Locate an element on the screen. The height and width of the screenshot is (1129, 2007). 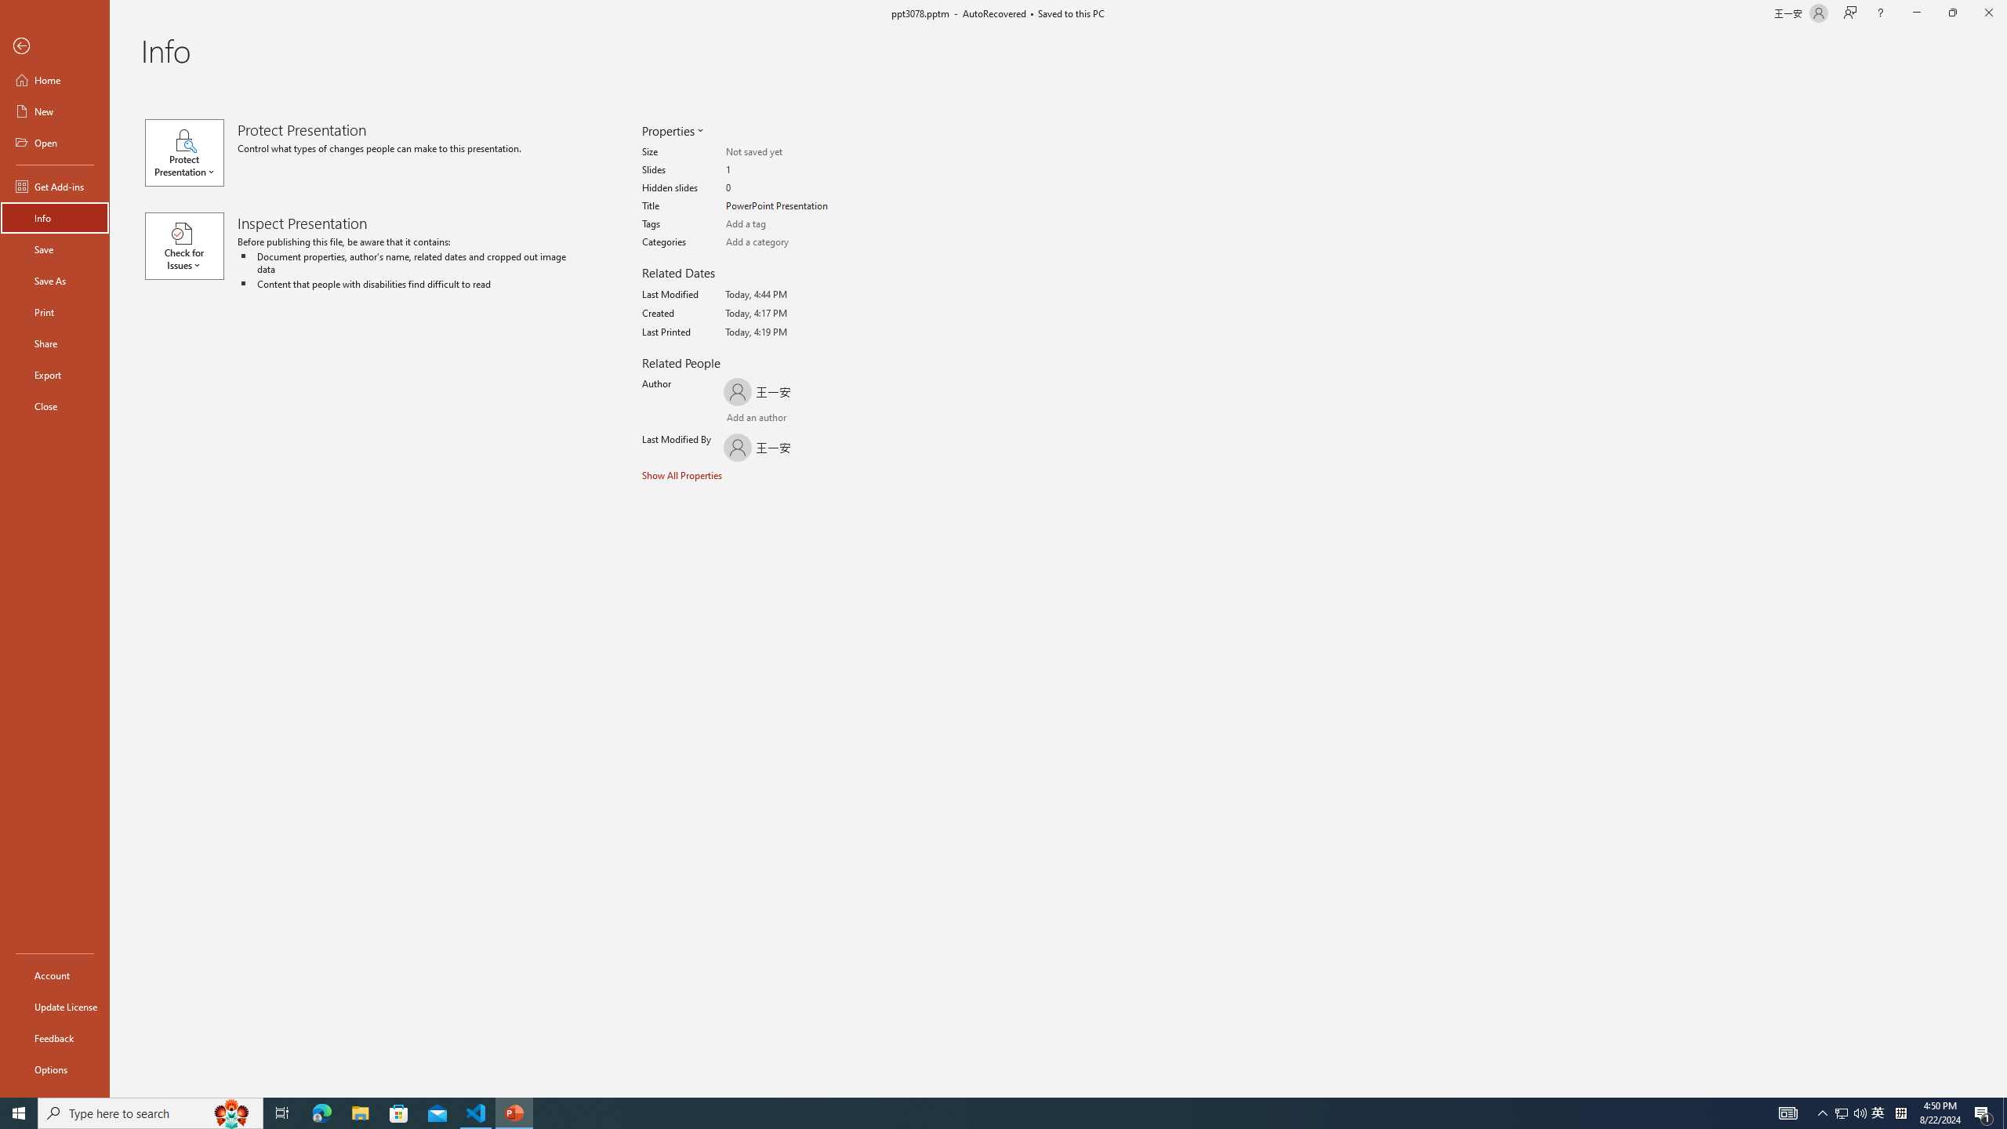
'Title' is located at coordinates (786, 206).